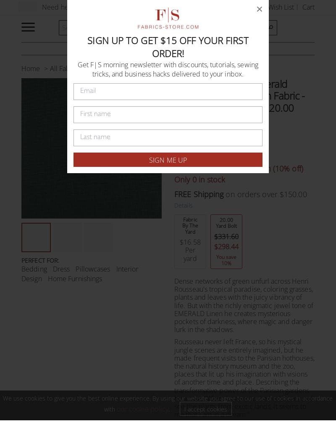 The height and width of the screenshot is (422, 336). Describe the element at coordinates (189, 241) in the screenshot. I see `'$16.58'` at that location.